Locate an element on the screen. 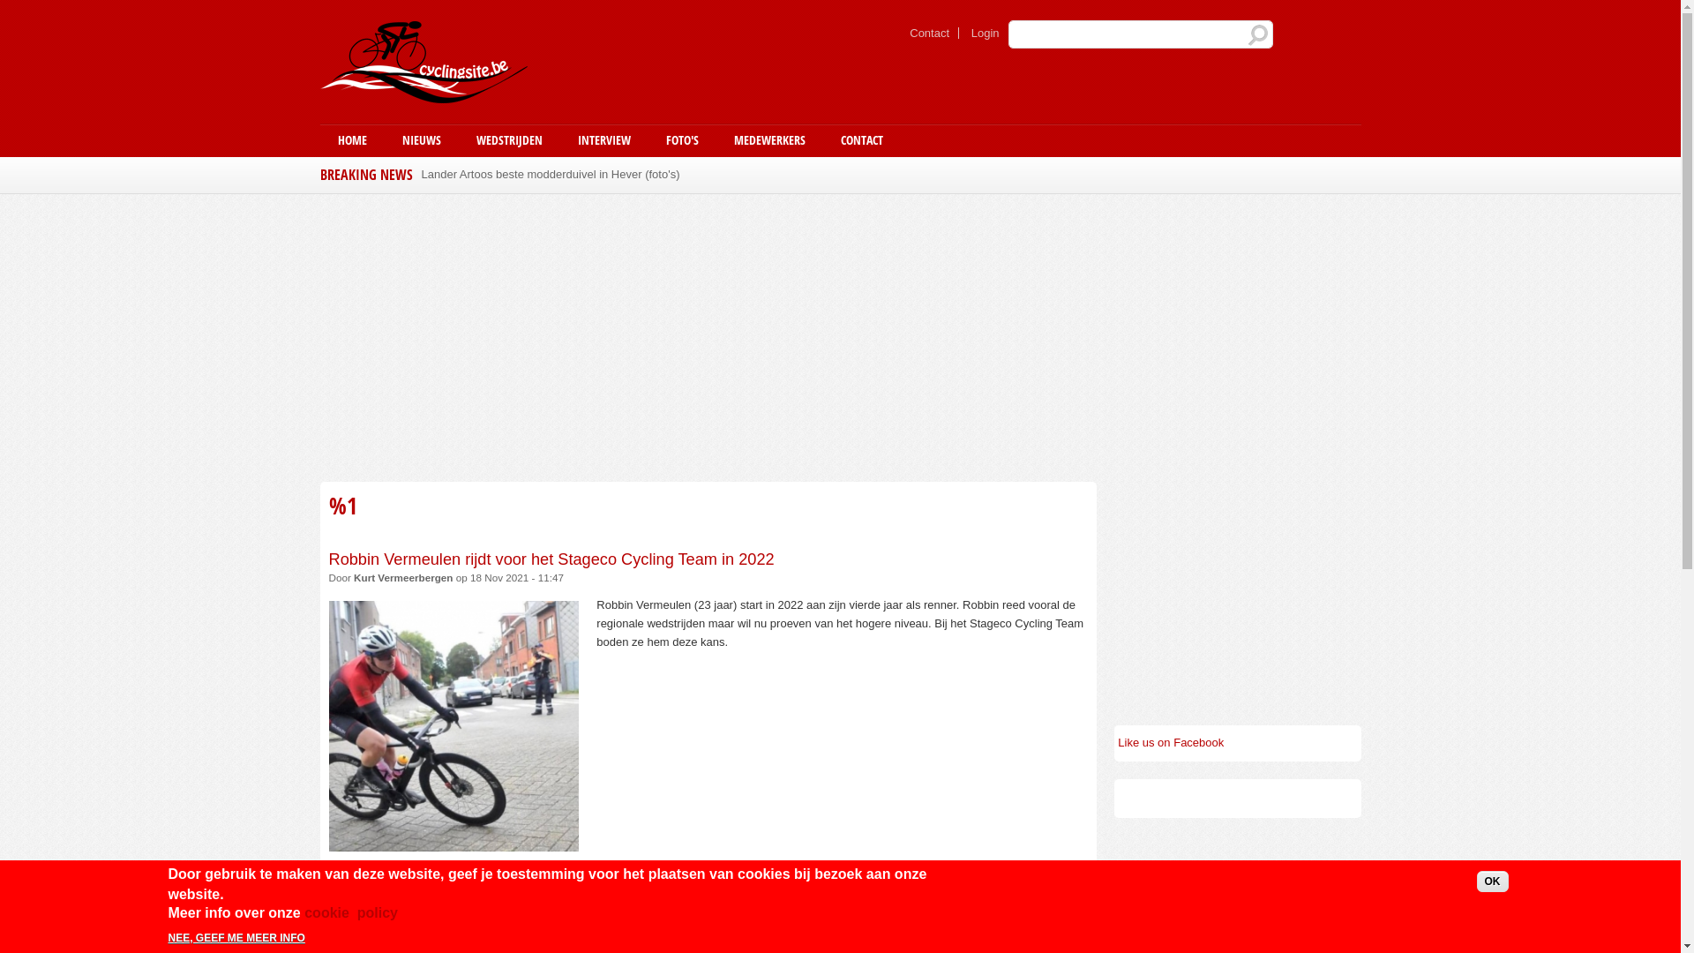  'Robbin Vermeulen rijdt voor het Stageco Cycling Team in 2022' is located at coordinates (550, 559).